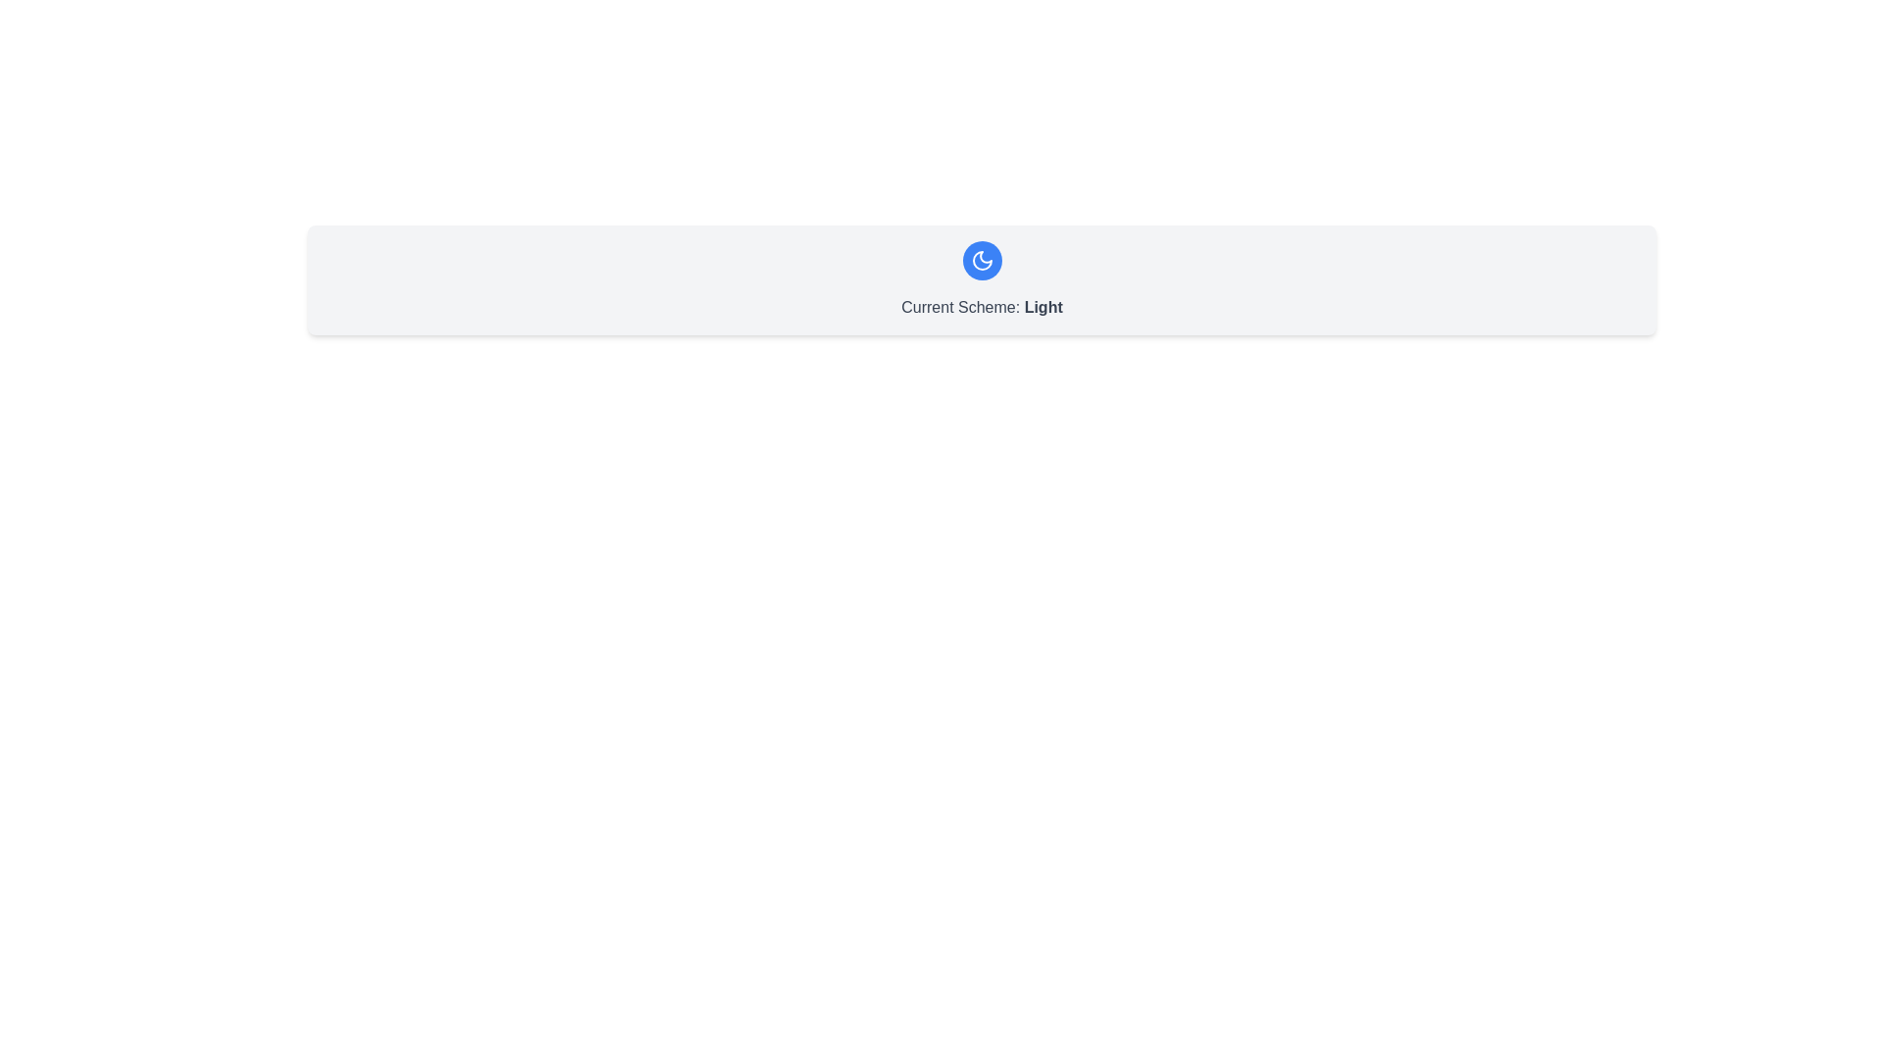 The height and width of the screenshot is (1059, 1883). I want to click on the vector graphic icon representing the nighttime or dark mode, located centrally above the text 'Current Scheme: Light.', so click(982, 260).